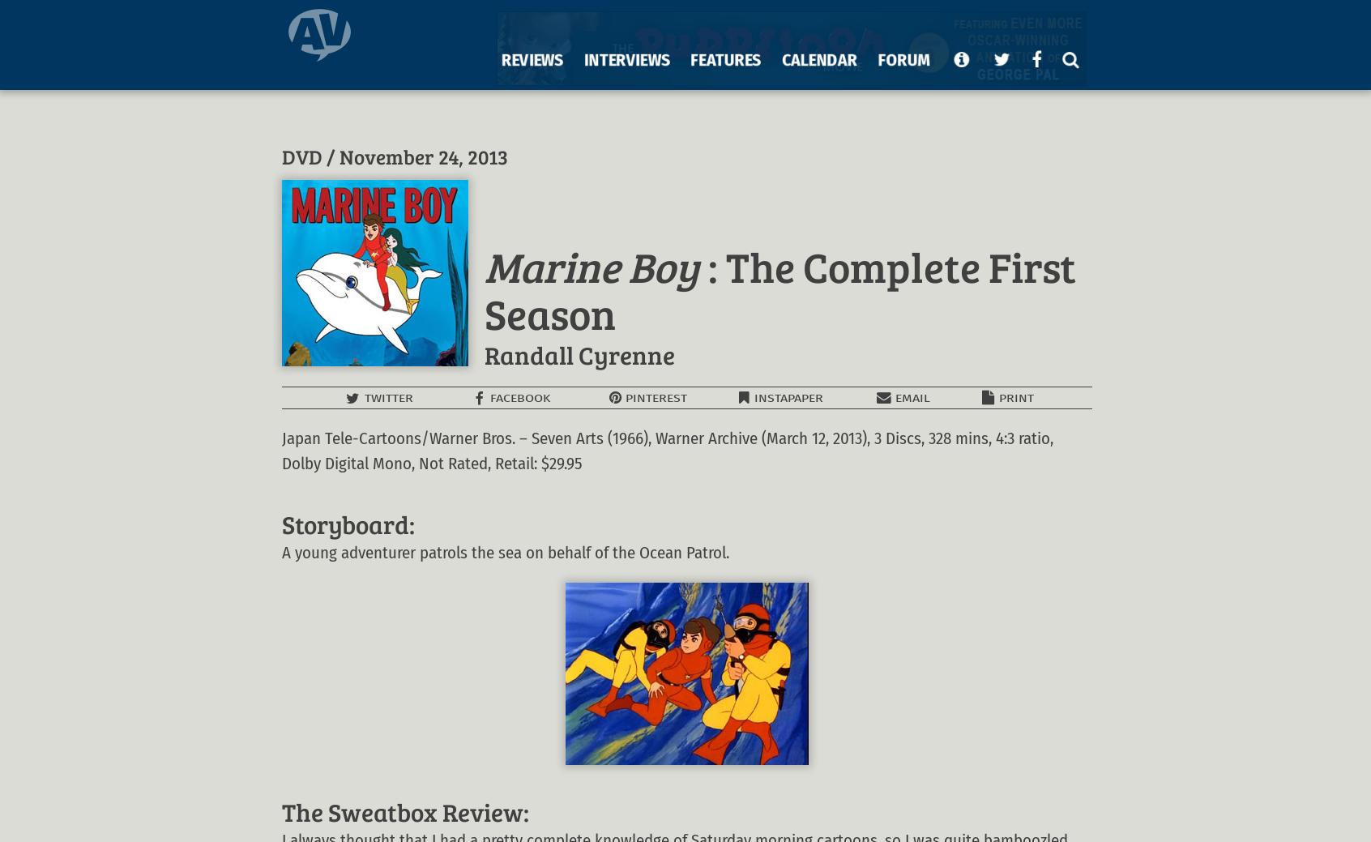  What do you see at coordinates (519, 395) in the screenshot?
I see `'FACEBOOK'` at bounding box center [519, 395].